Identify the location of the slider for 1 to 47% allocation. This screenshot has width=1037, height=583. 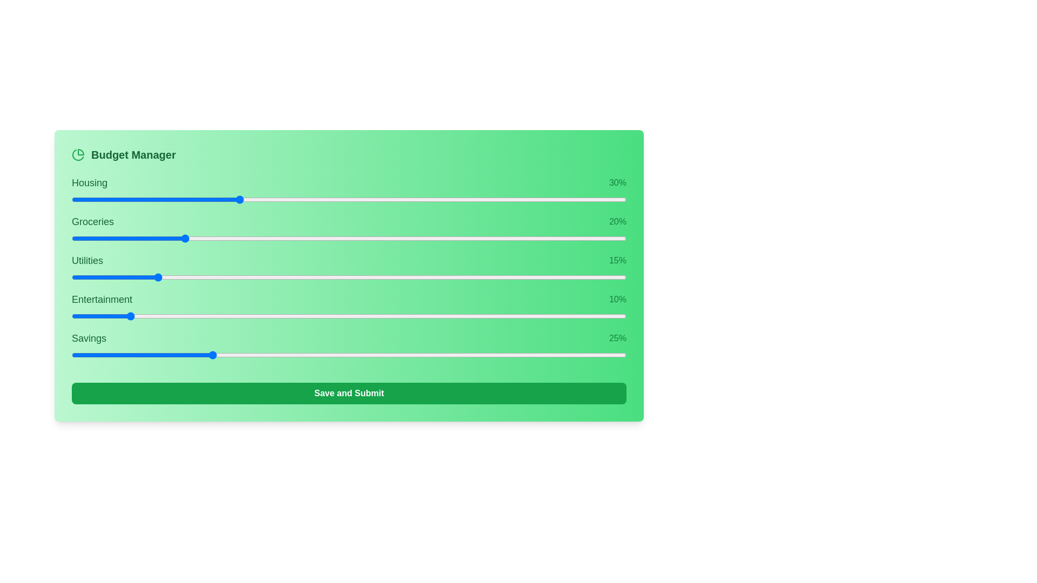
(479, 238).